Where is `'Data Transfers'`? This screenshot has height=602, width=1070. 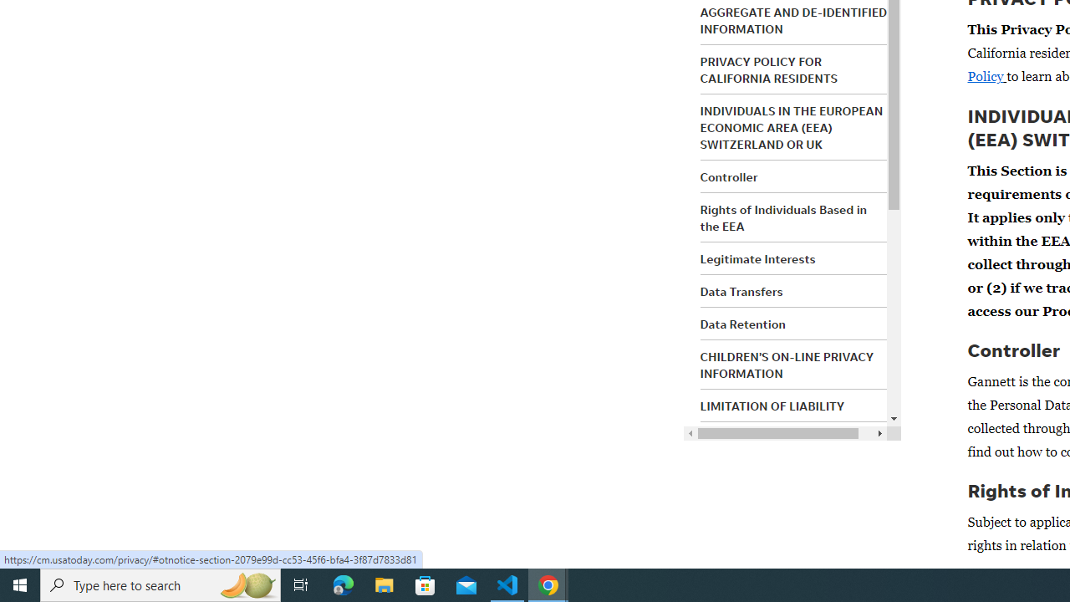 'Data Transfers' is located at coordinates (741, 290).